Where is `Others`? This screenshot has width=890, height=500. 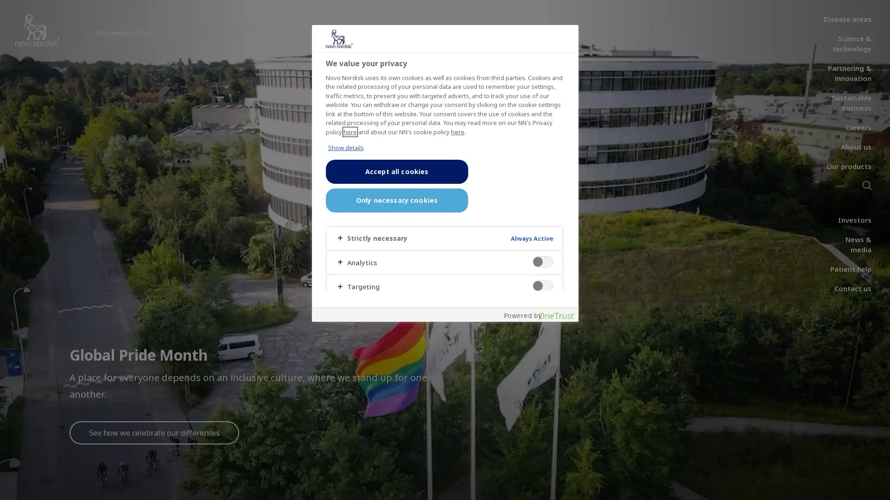 Others is located at coordinates (444, 311).